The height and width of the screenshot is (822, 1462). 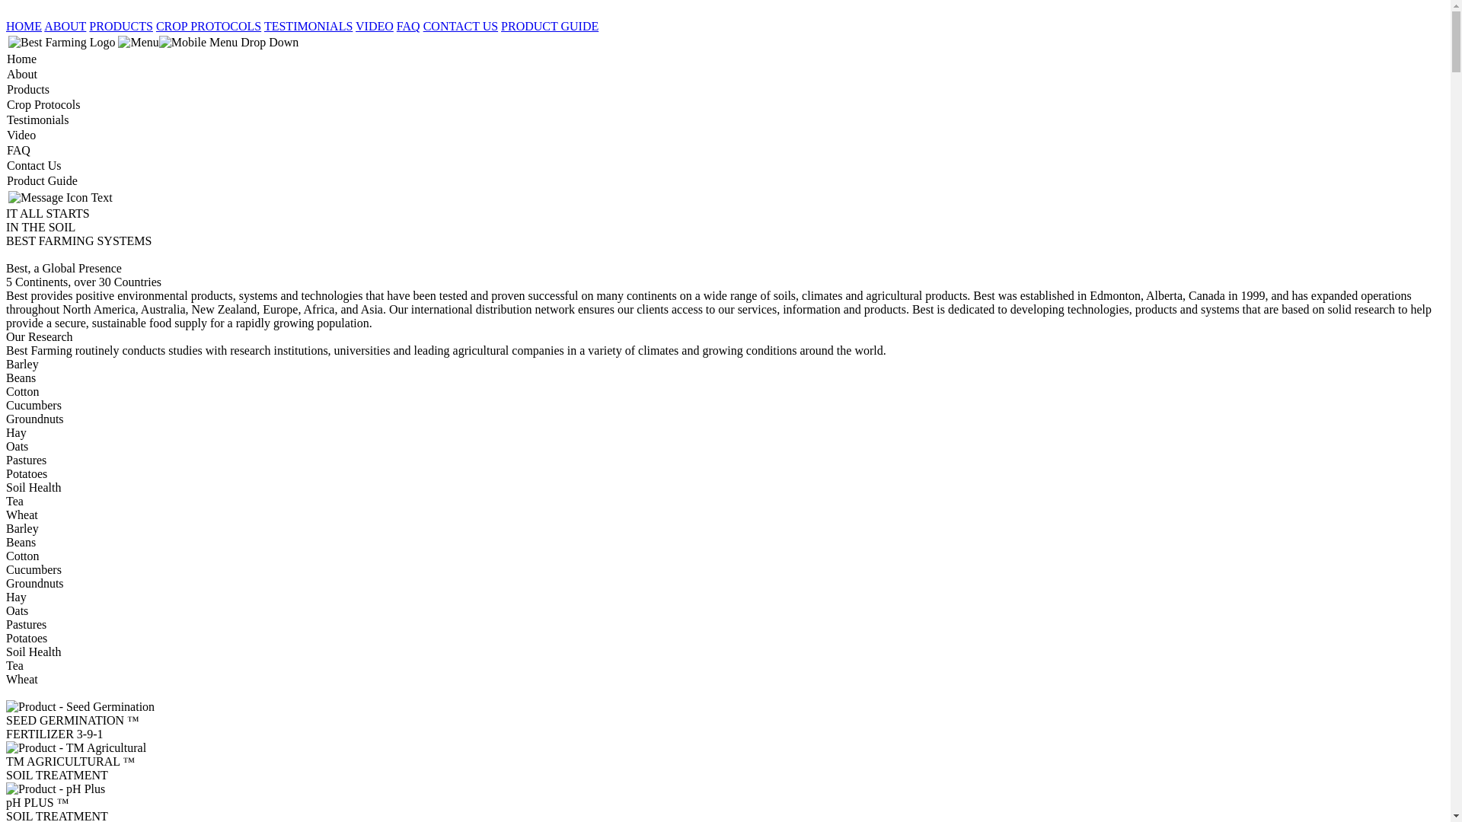 I want to click on 'FAQ', so click(x=397, y=26).